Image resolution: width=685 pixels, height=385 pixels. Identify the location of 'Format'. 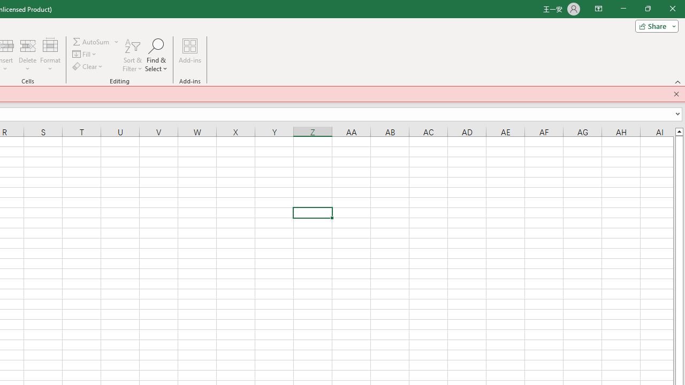
(50, 55).